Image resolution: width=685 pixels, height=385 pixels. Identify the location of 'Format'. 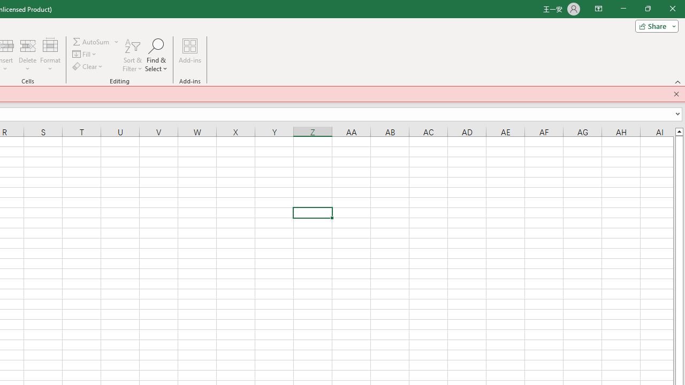
(50, 55).